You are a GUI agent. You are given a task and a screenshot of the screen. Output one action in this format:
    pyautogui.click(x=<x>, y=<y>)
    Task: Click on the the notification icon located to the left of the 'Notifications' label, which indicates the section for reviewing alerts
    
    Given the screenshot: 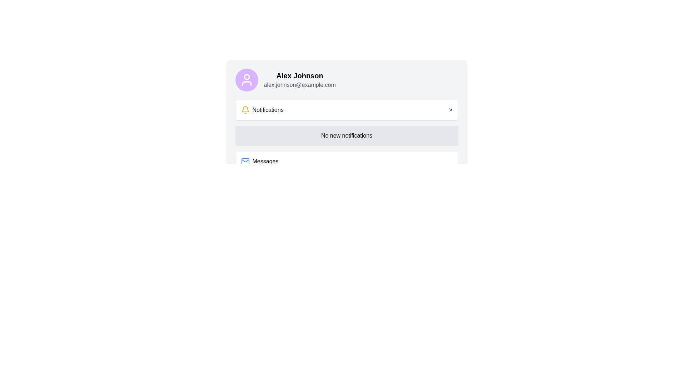 What is the action you would take?
    pyautogui.click(x=245, y=109)
    